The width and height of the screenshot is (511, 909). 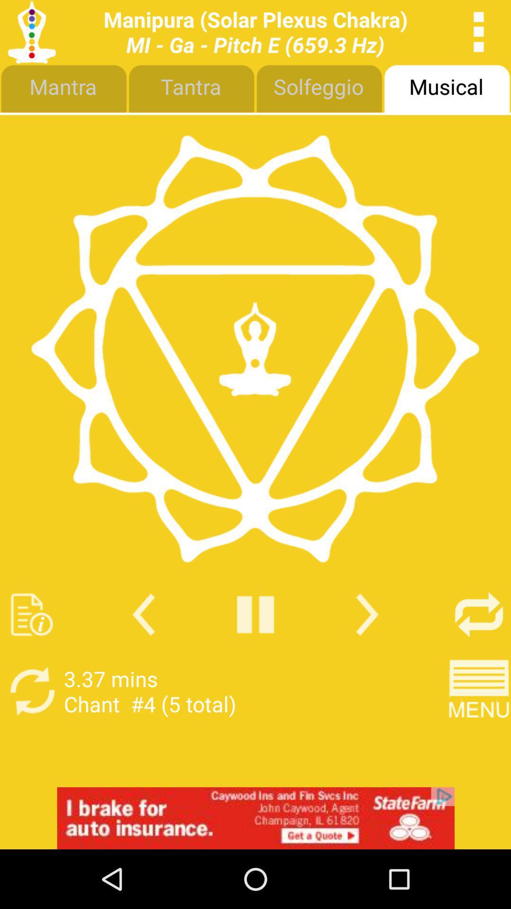 What do you see at coordinates (31, 691) in the screenshot?
I see `refresh` at bounding box center [31, 691].